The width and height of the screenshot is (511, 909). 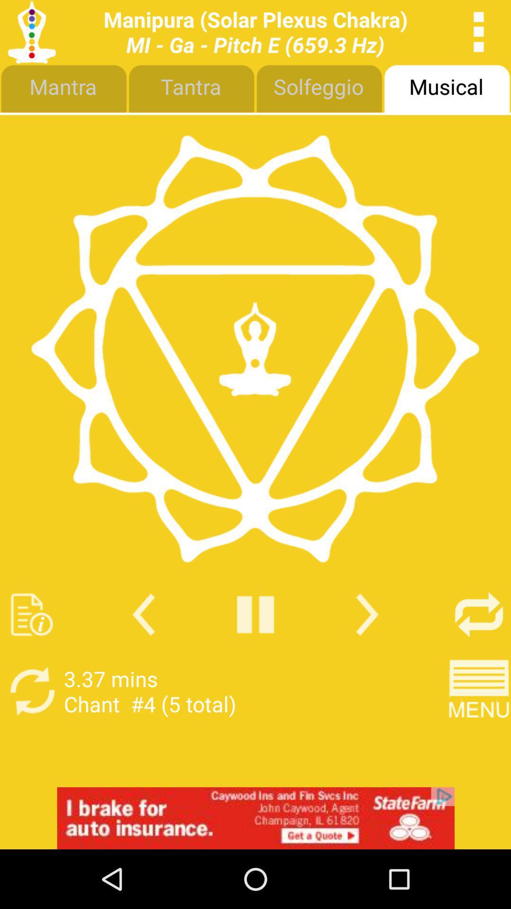 What do you see at coordinates (31, 691) in the screenshot?
I see `refresh` at bounding box center [31, 691].